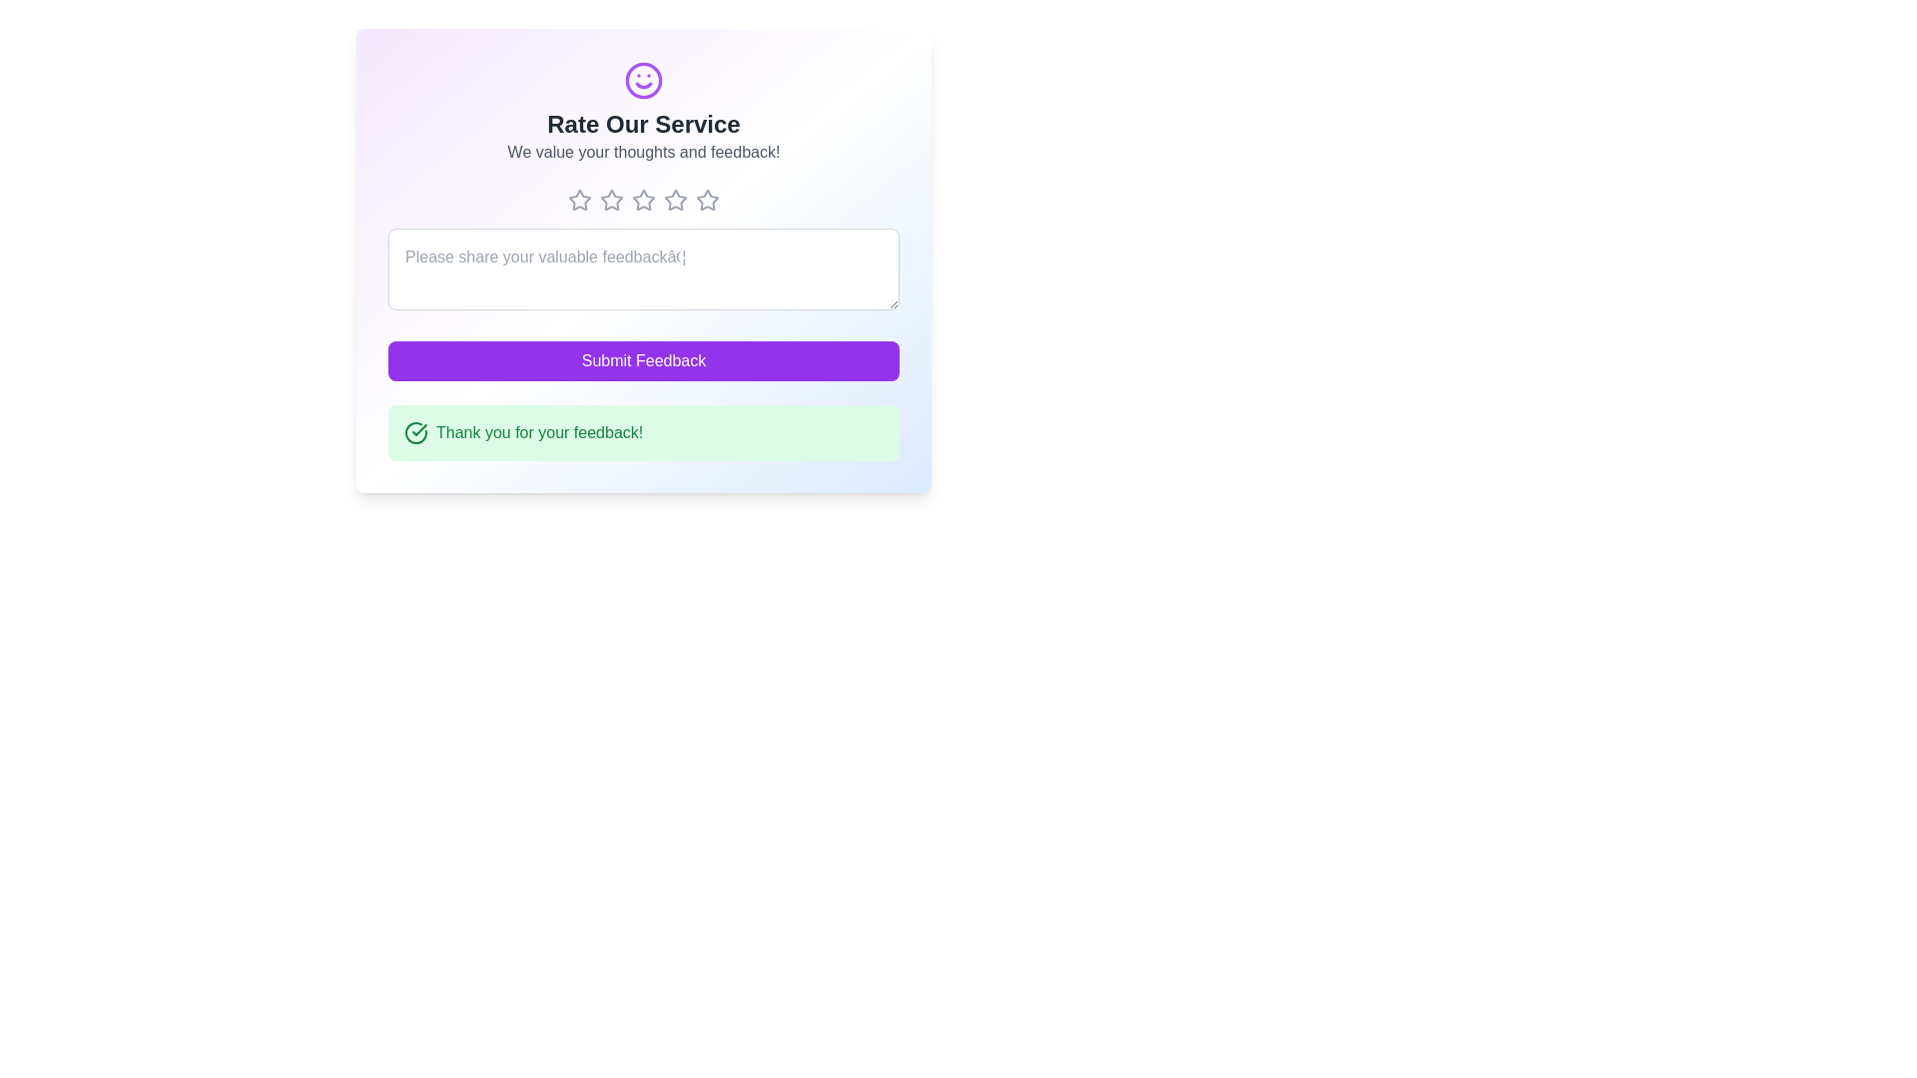 This screenshot has width=1917, height=1078. Describe the element at coordinates (643, 432) in the screenshot. I see `the message in the green alert box that says 'Thank you for your feedback!' located at the center-bottom of the interface` at that location.